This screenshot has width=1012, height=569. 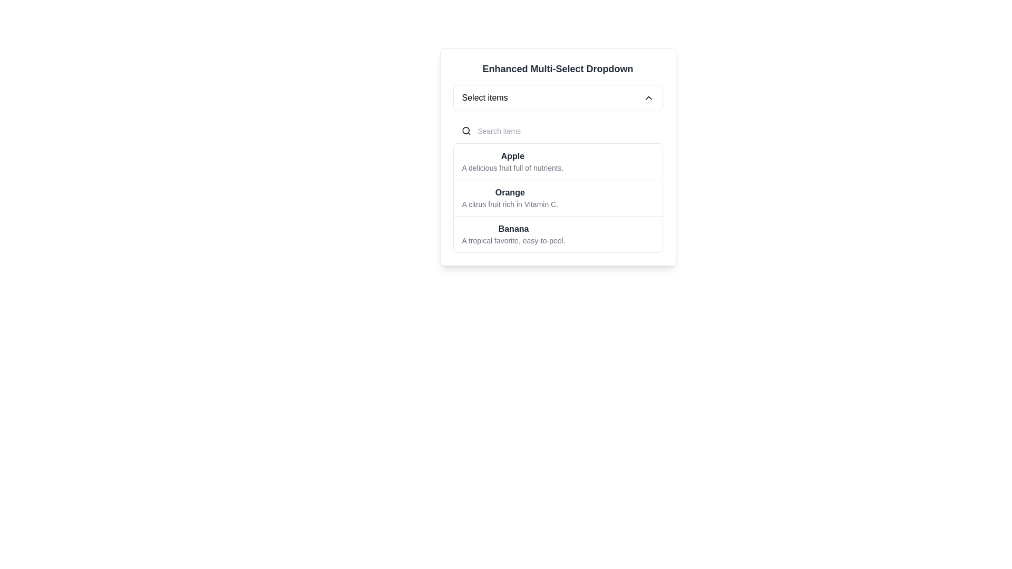 I want to click on to select the list item labeled 'Banana', which is the third item in a dropdown menu, positioned above further options and below the 'Orange' item, so click(x=513, y=233).